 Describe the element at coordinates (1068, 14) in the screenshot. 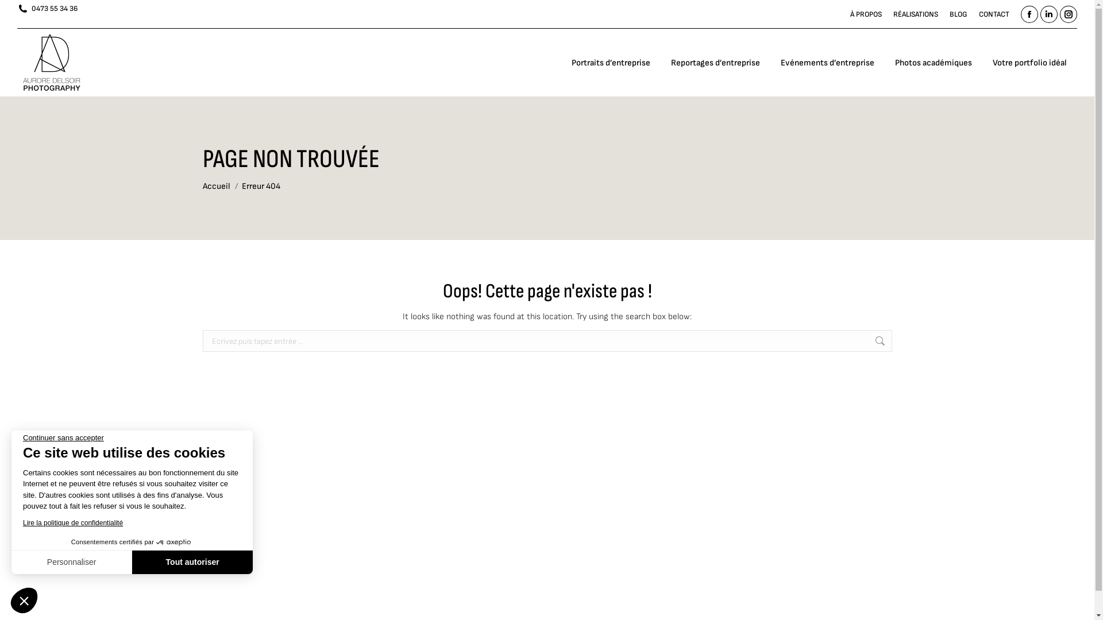

I see `'Instagram page opens in new window'` at that location.